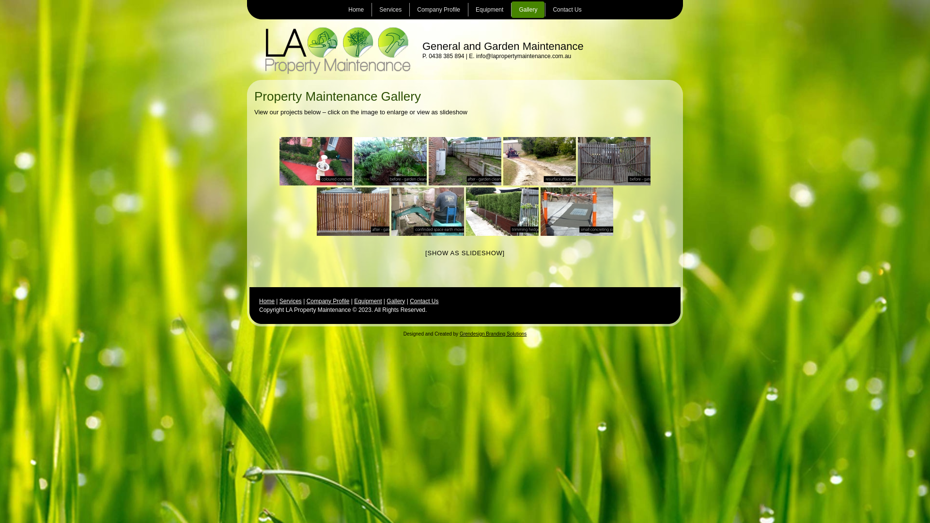 Image resolution: width=930 pixels, height=523 pixels. Describe the element at coordinates (503, 46) in the screenshot. I see `'General and Garden Maintenance'` at that location.